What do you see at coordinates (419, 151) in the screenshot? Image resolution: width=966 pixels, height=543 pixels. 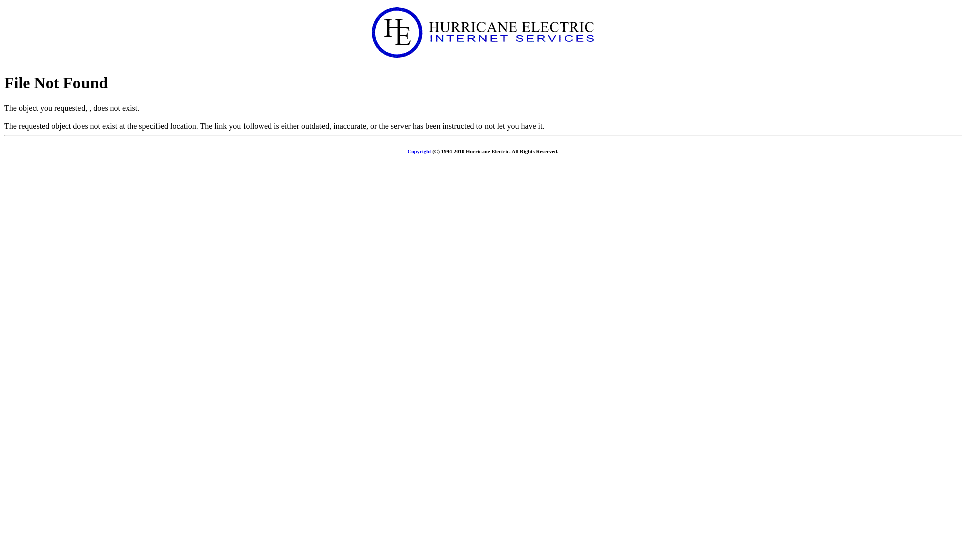 I see `'Copyright'` at bounding box center [419, 151].